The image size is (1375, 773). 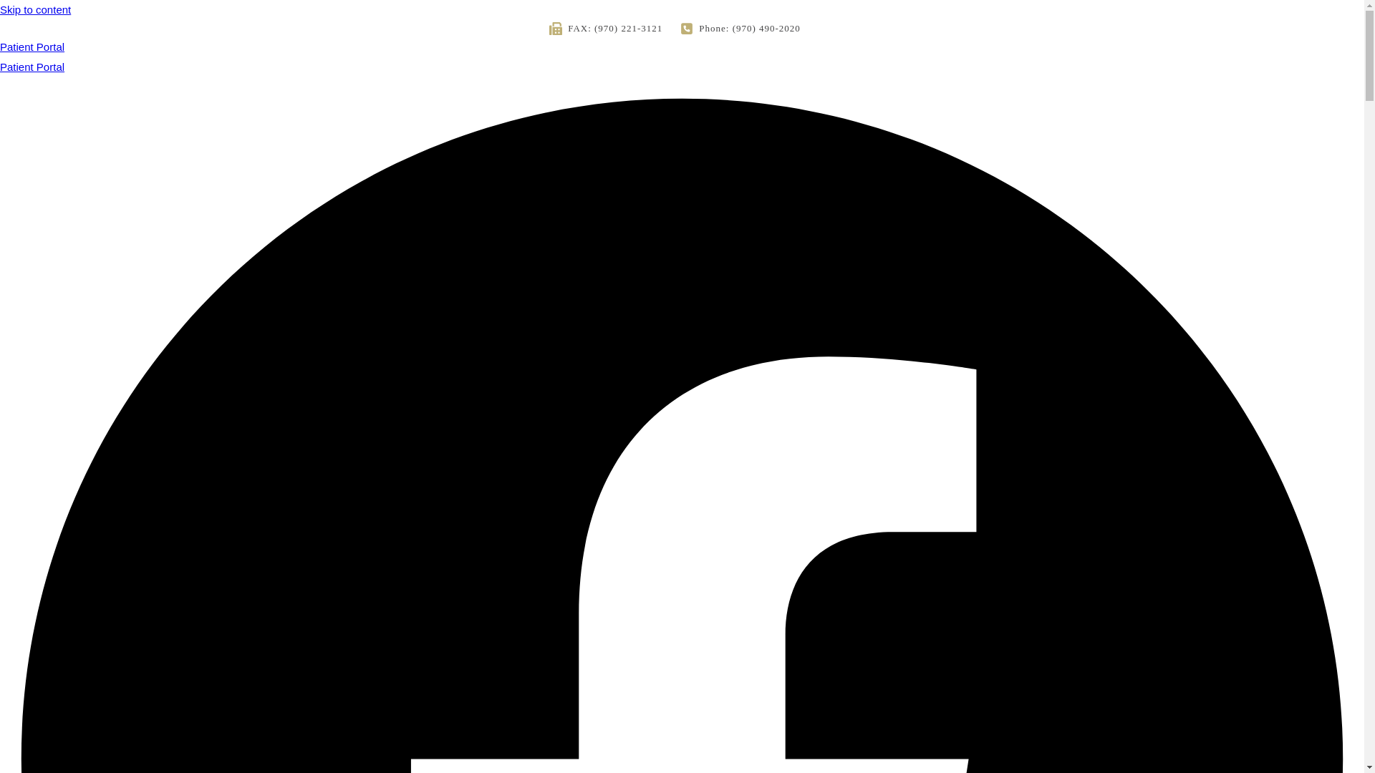 I want to click on 'Patient Portal', so click(x=32, y=67).